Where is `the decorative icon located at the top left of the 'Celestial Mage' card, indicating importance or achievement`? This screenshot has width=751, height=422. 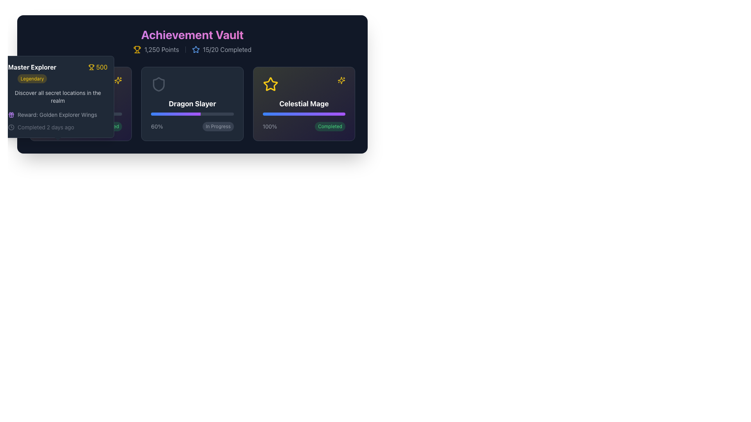 the decorative icon located at the top left of the 'Celestial Mage' card, indicating importance or achievement is located at coordinates (270, 84).